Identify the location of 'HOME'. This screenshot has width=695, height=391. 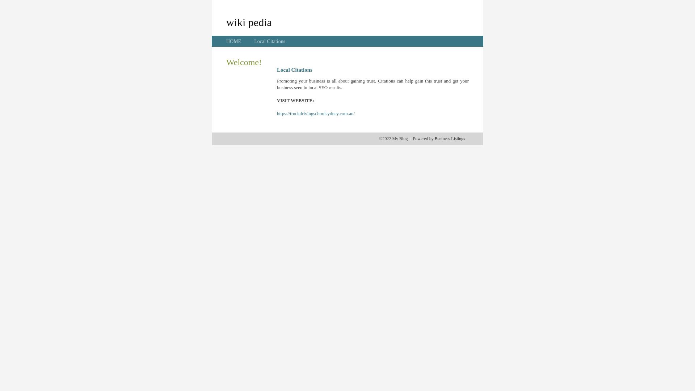
(233, 41).